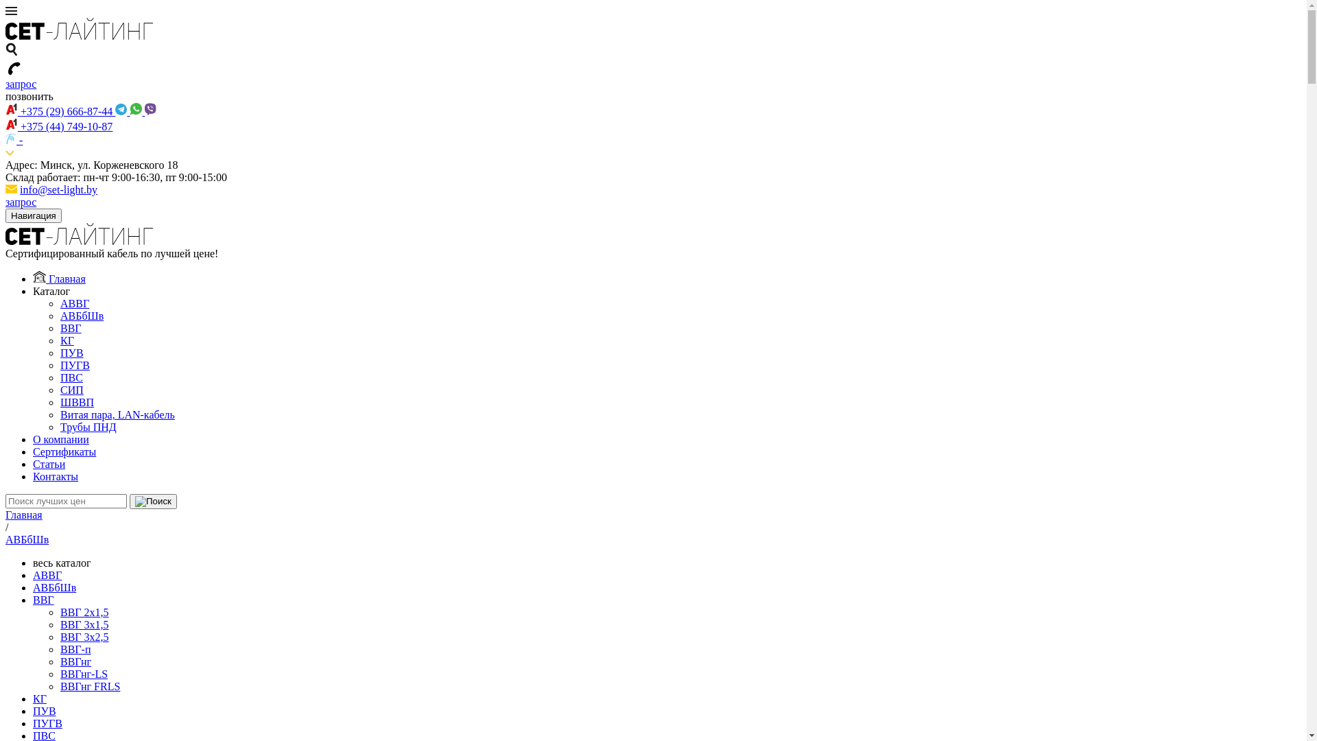 The height and width of the screenshot is (741, 1317). What do you see at coordinates (58, 189) in the screenshot?
I see `'info@set-light.by'` at bounding box center [58, 189].